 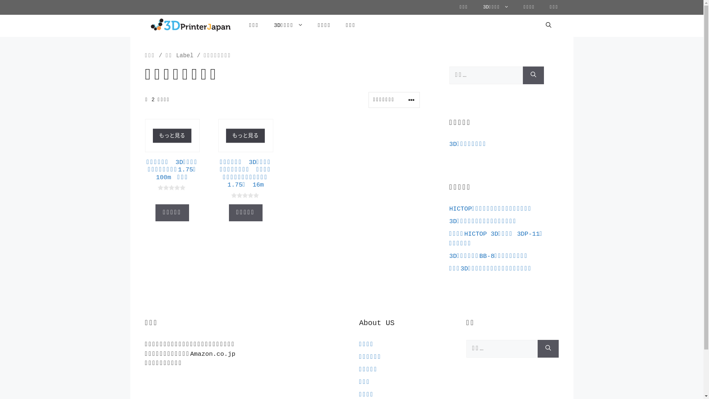 I want to click on 'Not yet rated', so click(x=246, y=195).